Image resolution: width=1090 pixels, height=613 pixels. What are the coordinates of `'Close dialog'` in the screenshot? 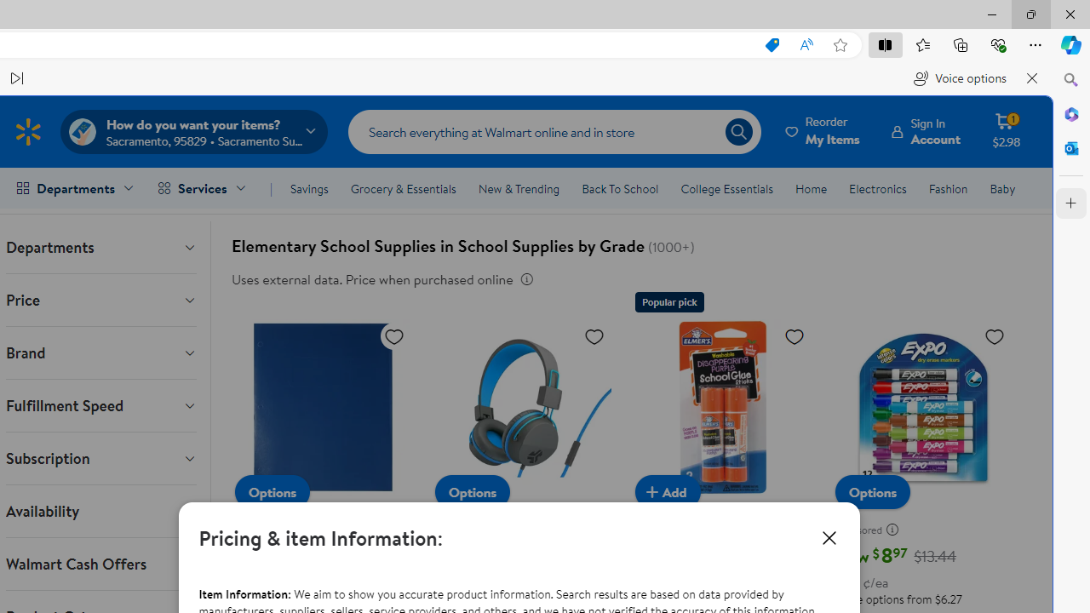 It's located at (829, 537).